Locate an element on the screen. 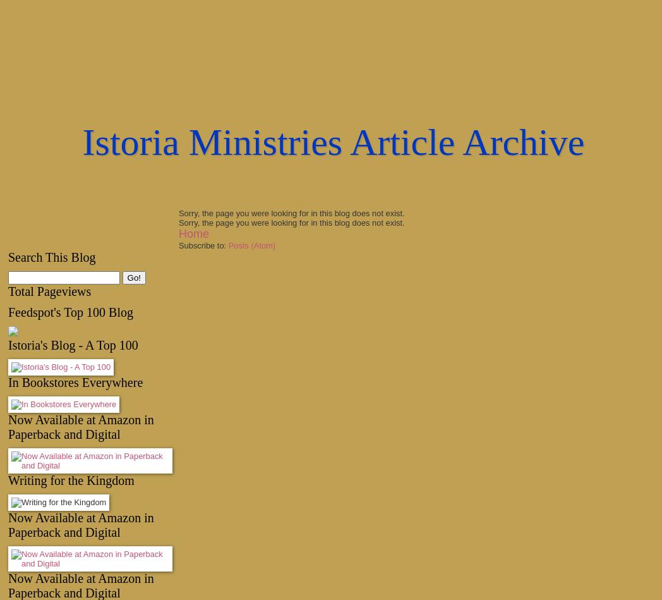 Image resolution: width=662 pixels, height=600 pixels. 'Subscribe to:' is located at coordinates (178, 245).